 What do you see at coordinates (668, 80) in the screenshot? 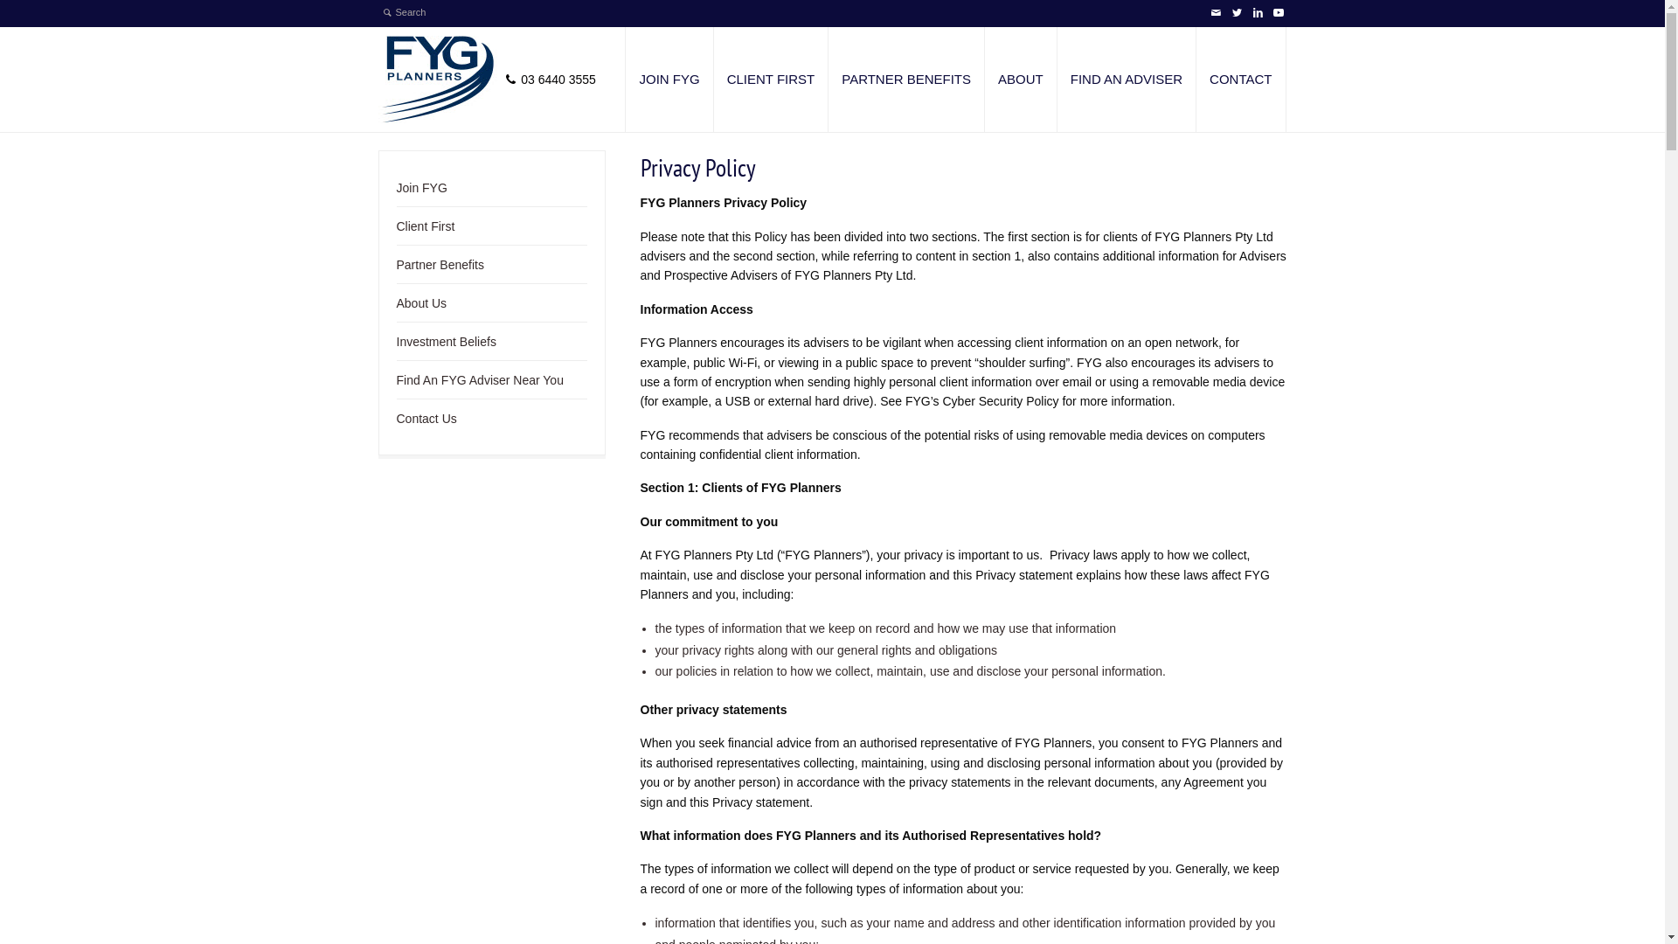
I see `'JOIN FYG'` at bounding box center [668, 80].